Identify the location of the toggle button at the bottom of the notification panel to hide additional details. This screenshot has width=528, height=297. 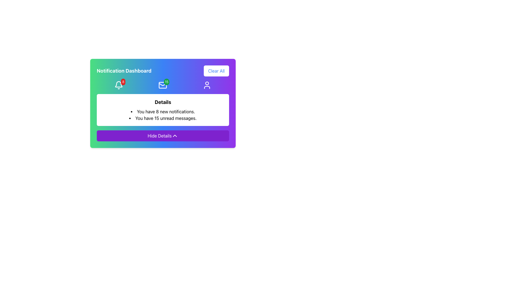
(163, 136).